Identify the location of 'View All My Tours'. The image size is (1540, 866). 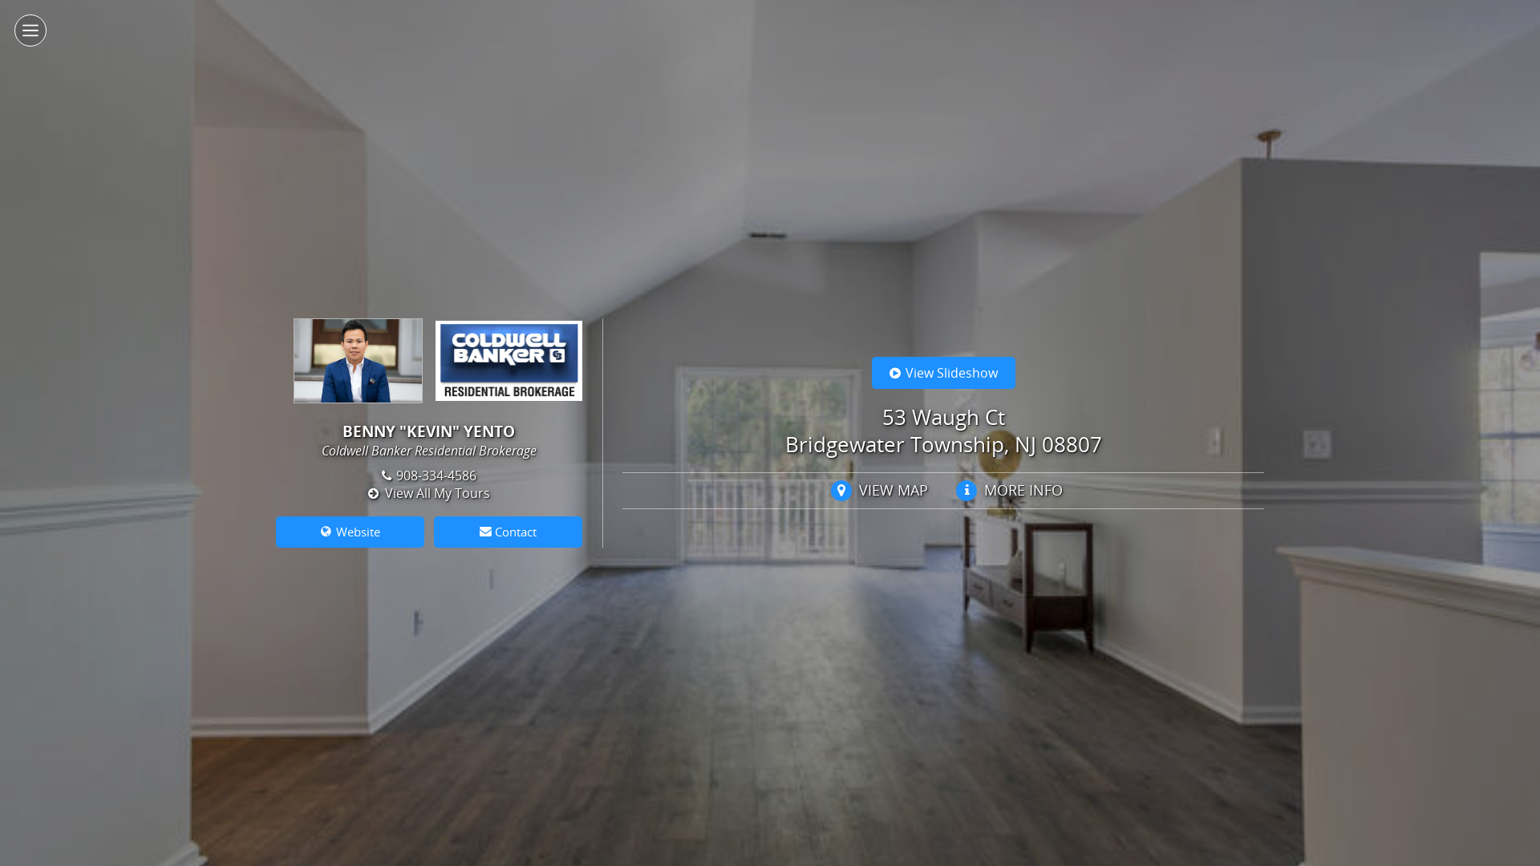
(428, 492).